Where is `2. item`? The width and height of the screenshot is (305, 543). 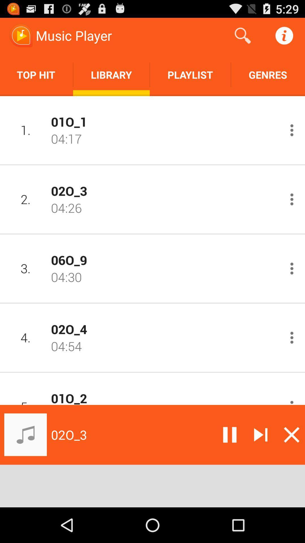 2. item is located at coordinates (25, 199).